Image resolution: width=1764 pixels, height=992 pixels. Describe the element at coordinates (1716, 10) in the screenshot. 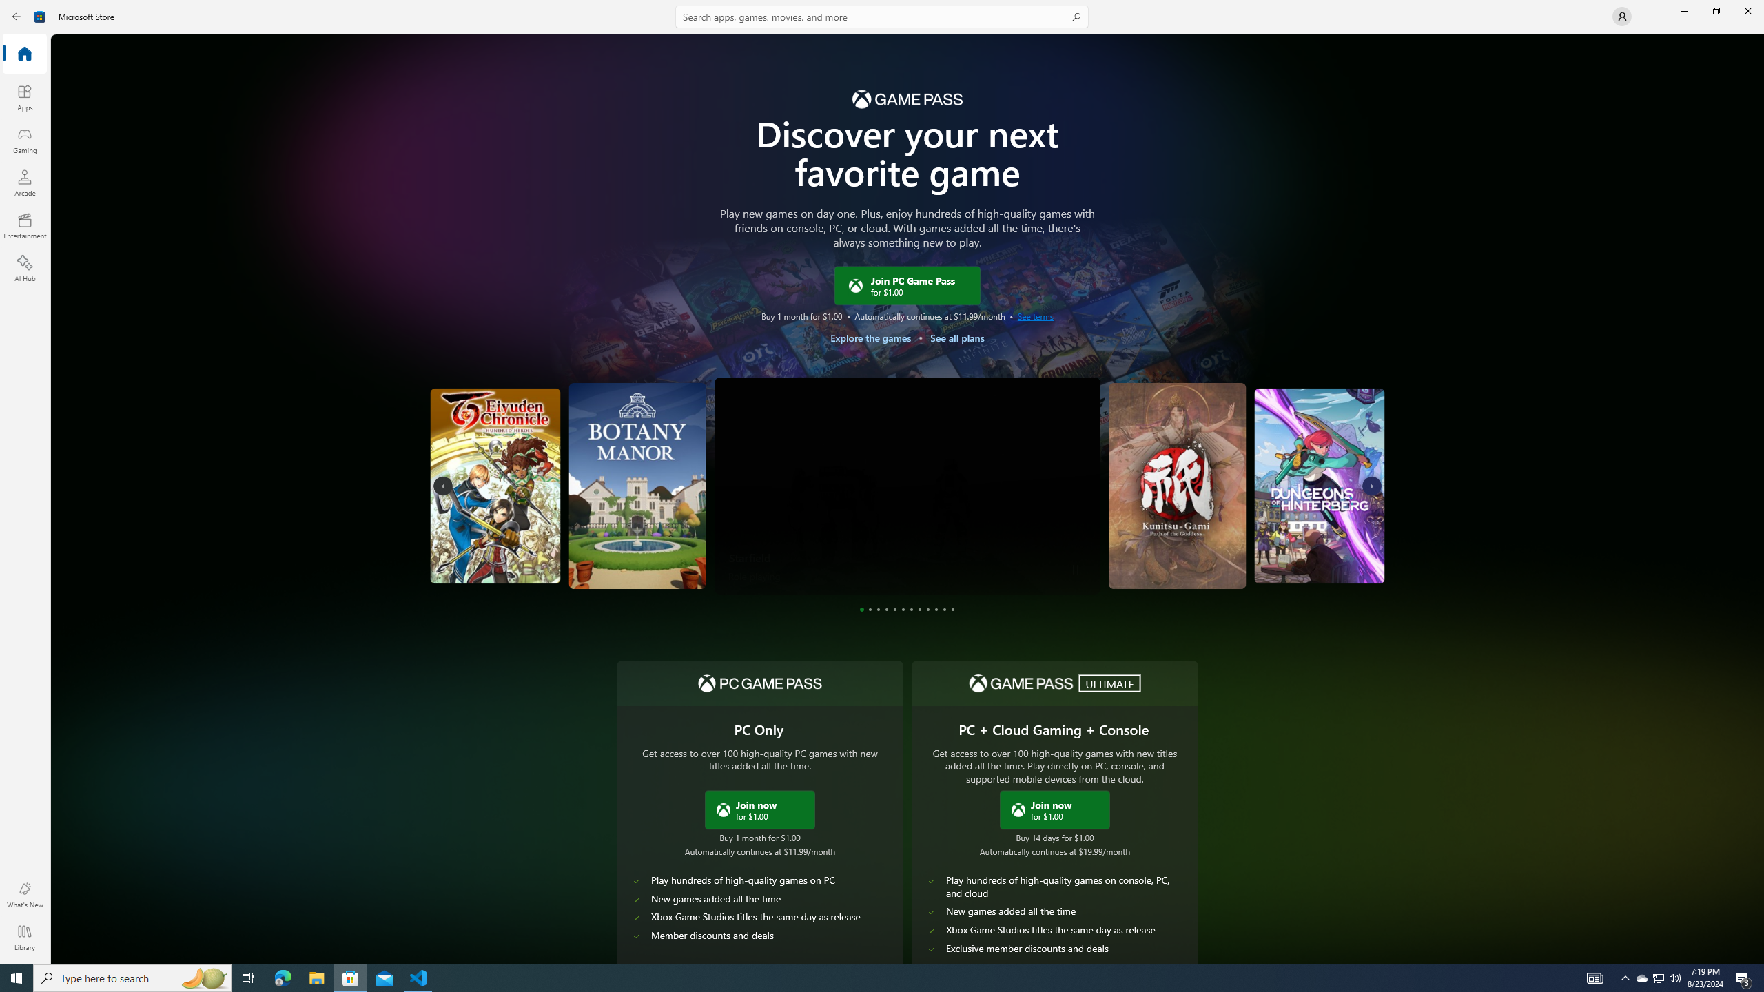

I see `'Restore Microsoft Store'` at that location.